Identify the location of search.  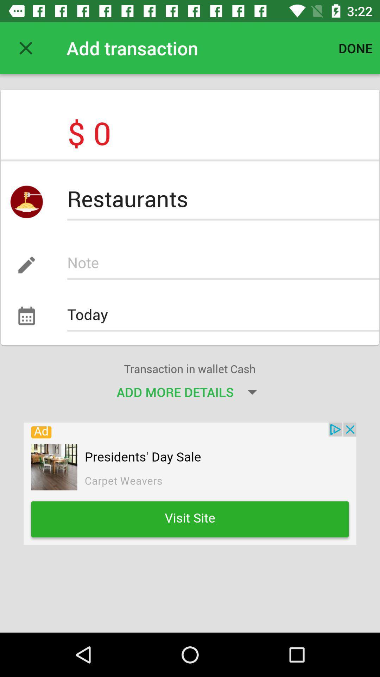
(223, 264).